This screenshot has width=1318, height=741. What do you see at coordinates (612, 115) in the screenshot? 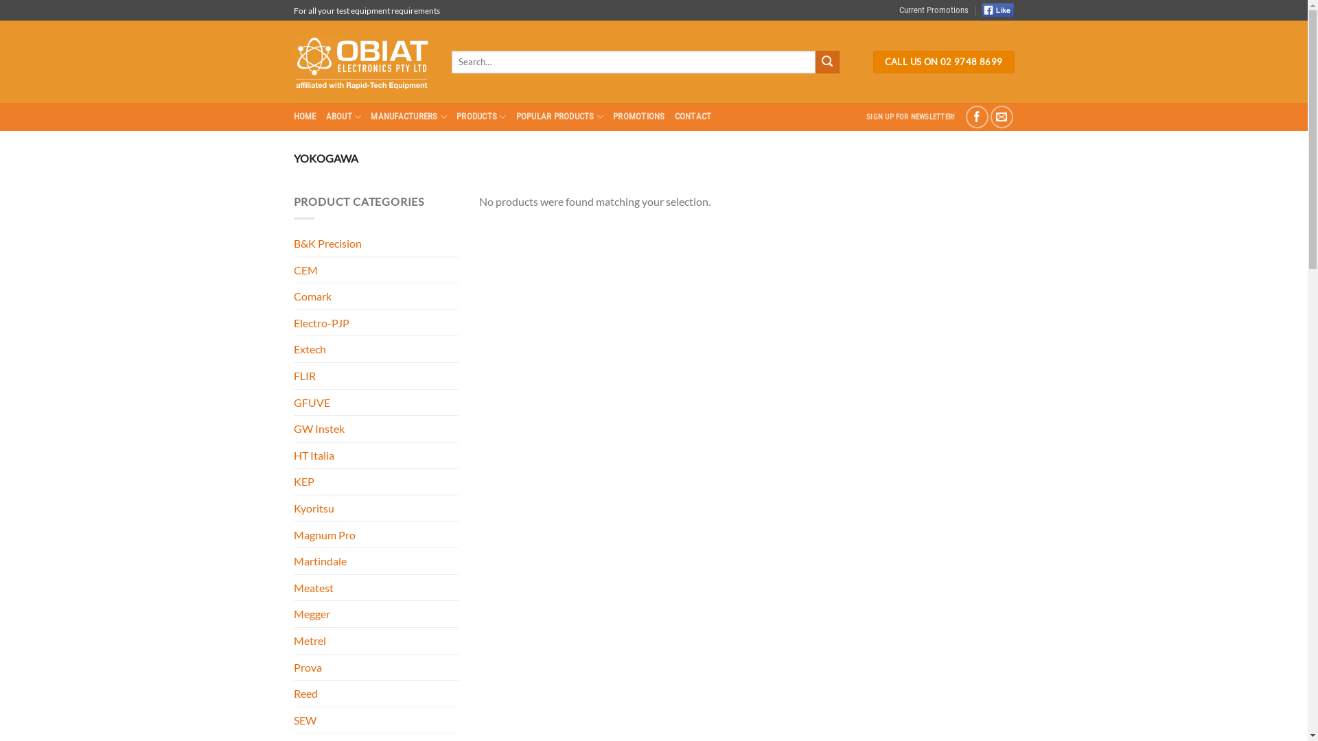
I see `'PROMOTIONS'` at bounding box center [612, 115].